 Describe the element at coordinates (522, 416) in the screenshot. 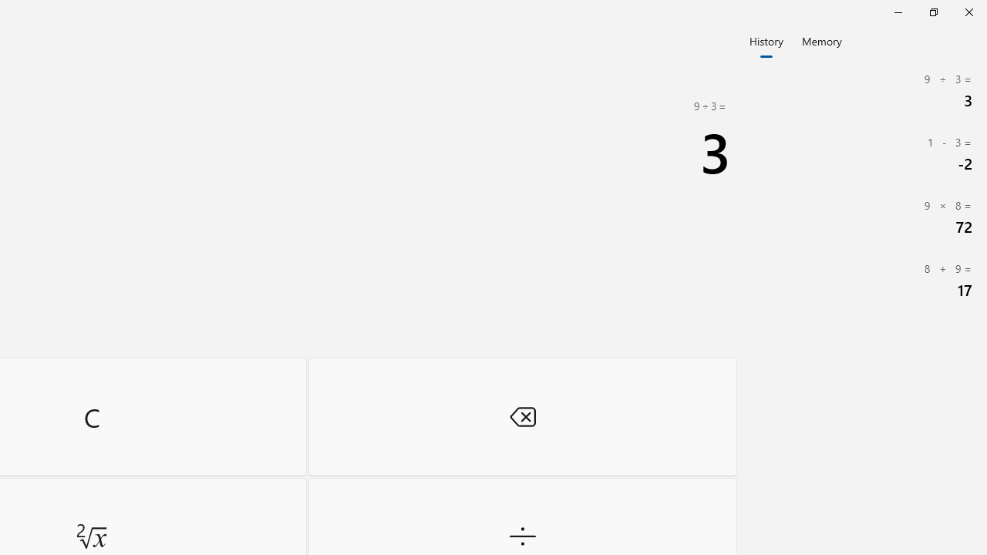

I see `'Backspace'` at that location.